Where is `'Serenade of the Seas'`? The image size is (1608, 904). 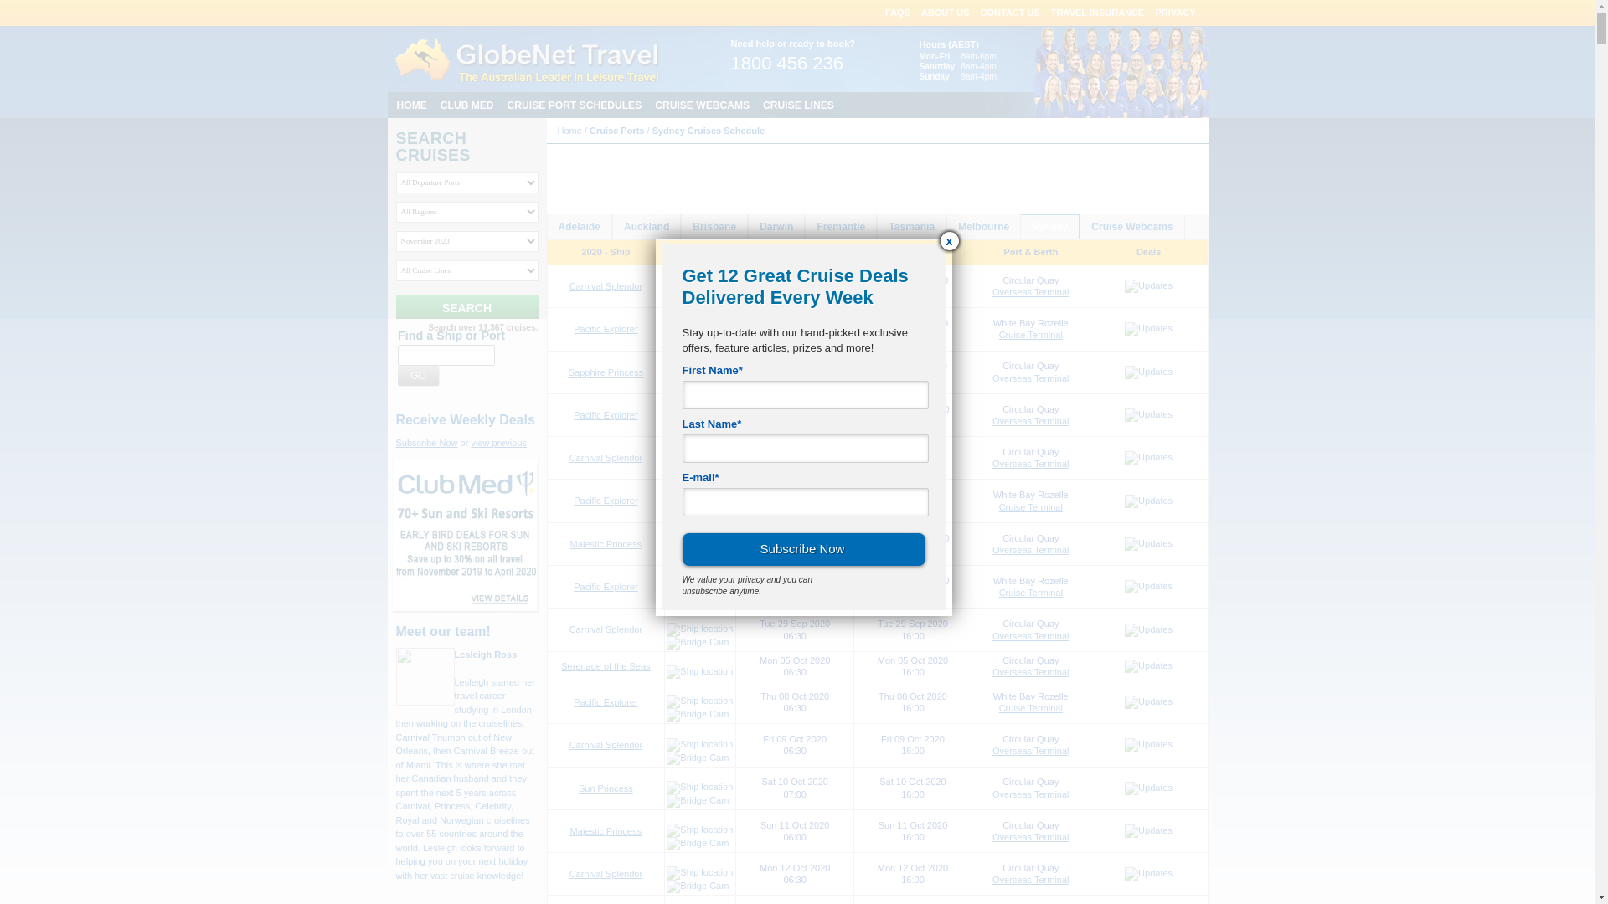
'Serenade of the Seas' is located at coordinates (561, 665).